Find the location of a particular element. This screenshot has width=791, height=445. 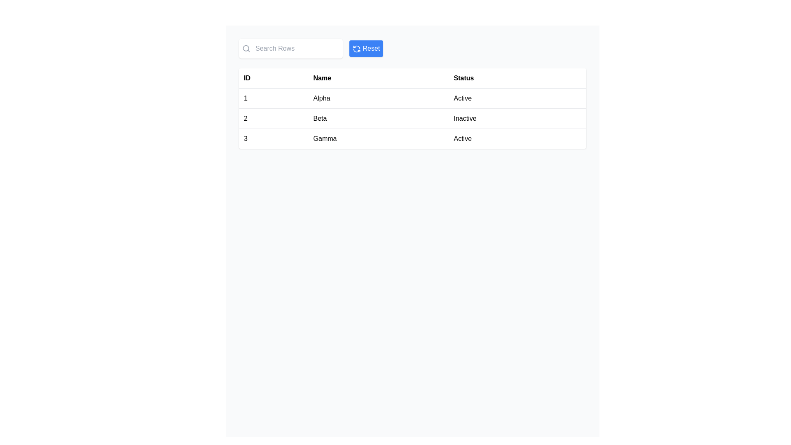

the third row in the table representing the entry for '3', 'Gamma', with status 'Active' is located at coordinates (412, 138).